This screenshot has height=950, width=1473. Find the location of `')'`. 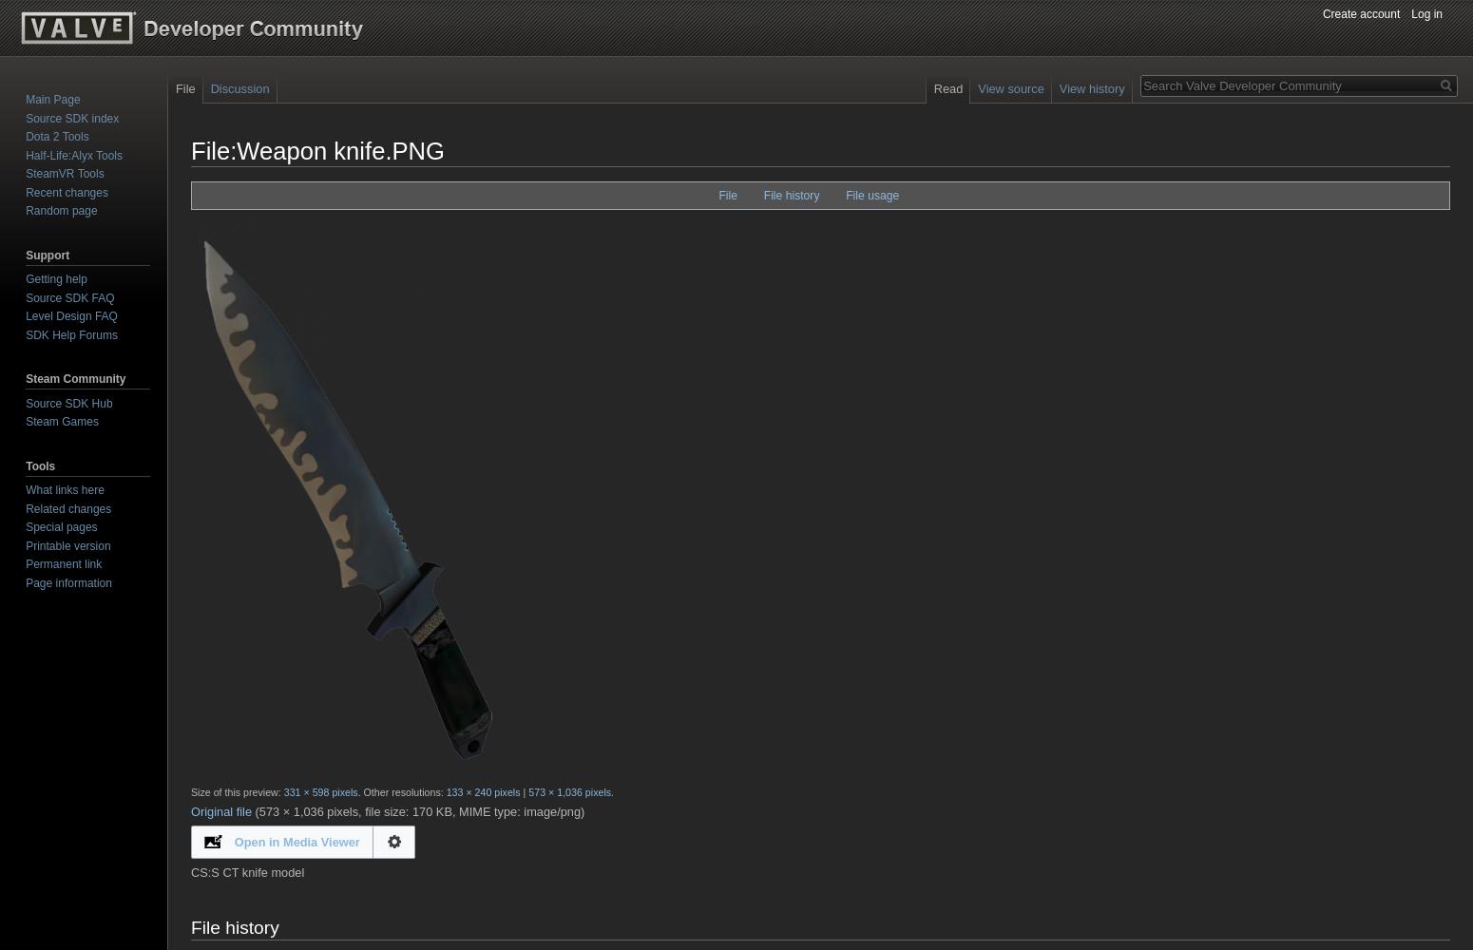

')' is located at coordinates (581, 809).